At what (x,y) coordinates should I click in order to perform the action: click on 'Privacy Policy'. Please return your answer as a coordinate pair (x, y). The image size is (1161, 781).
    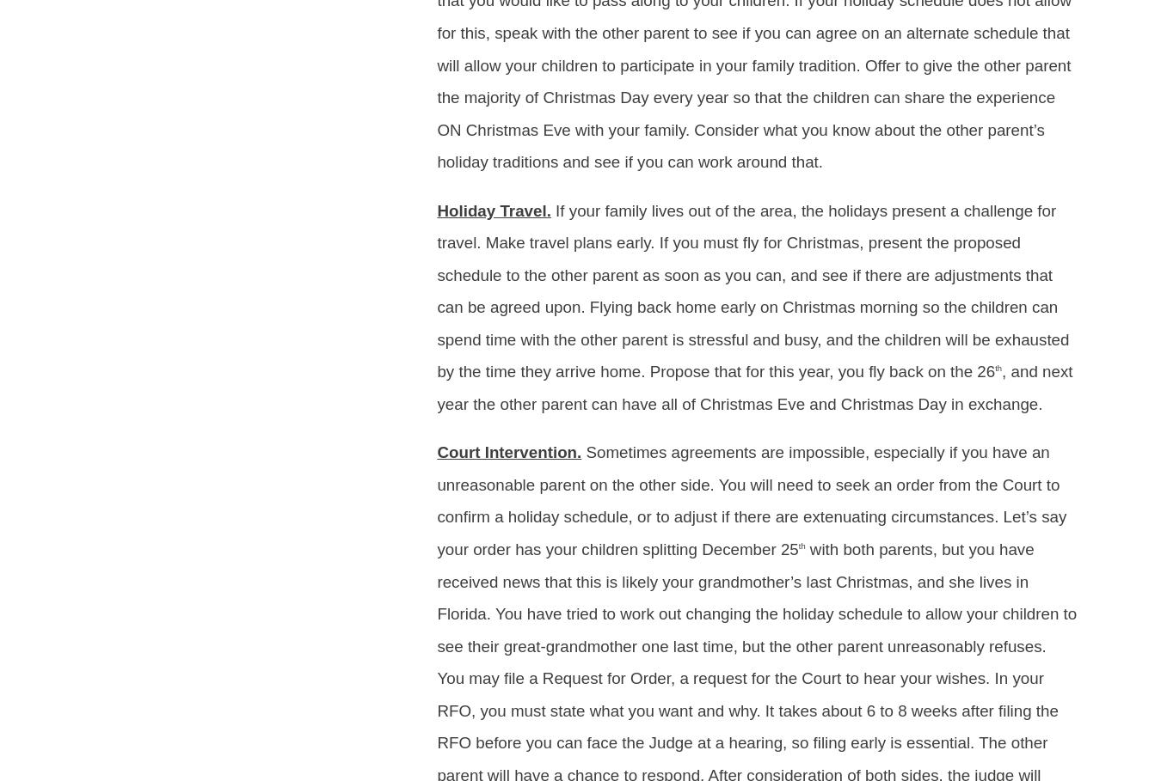
    Looking at the image, I should click on (181, 186).